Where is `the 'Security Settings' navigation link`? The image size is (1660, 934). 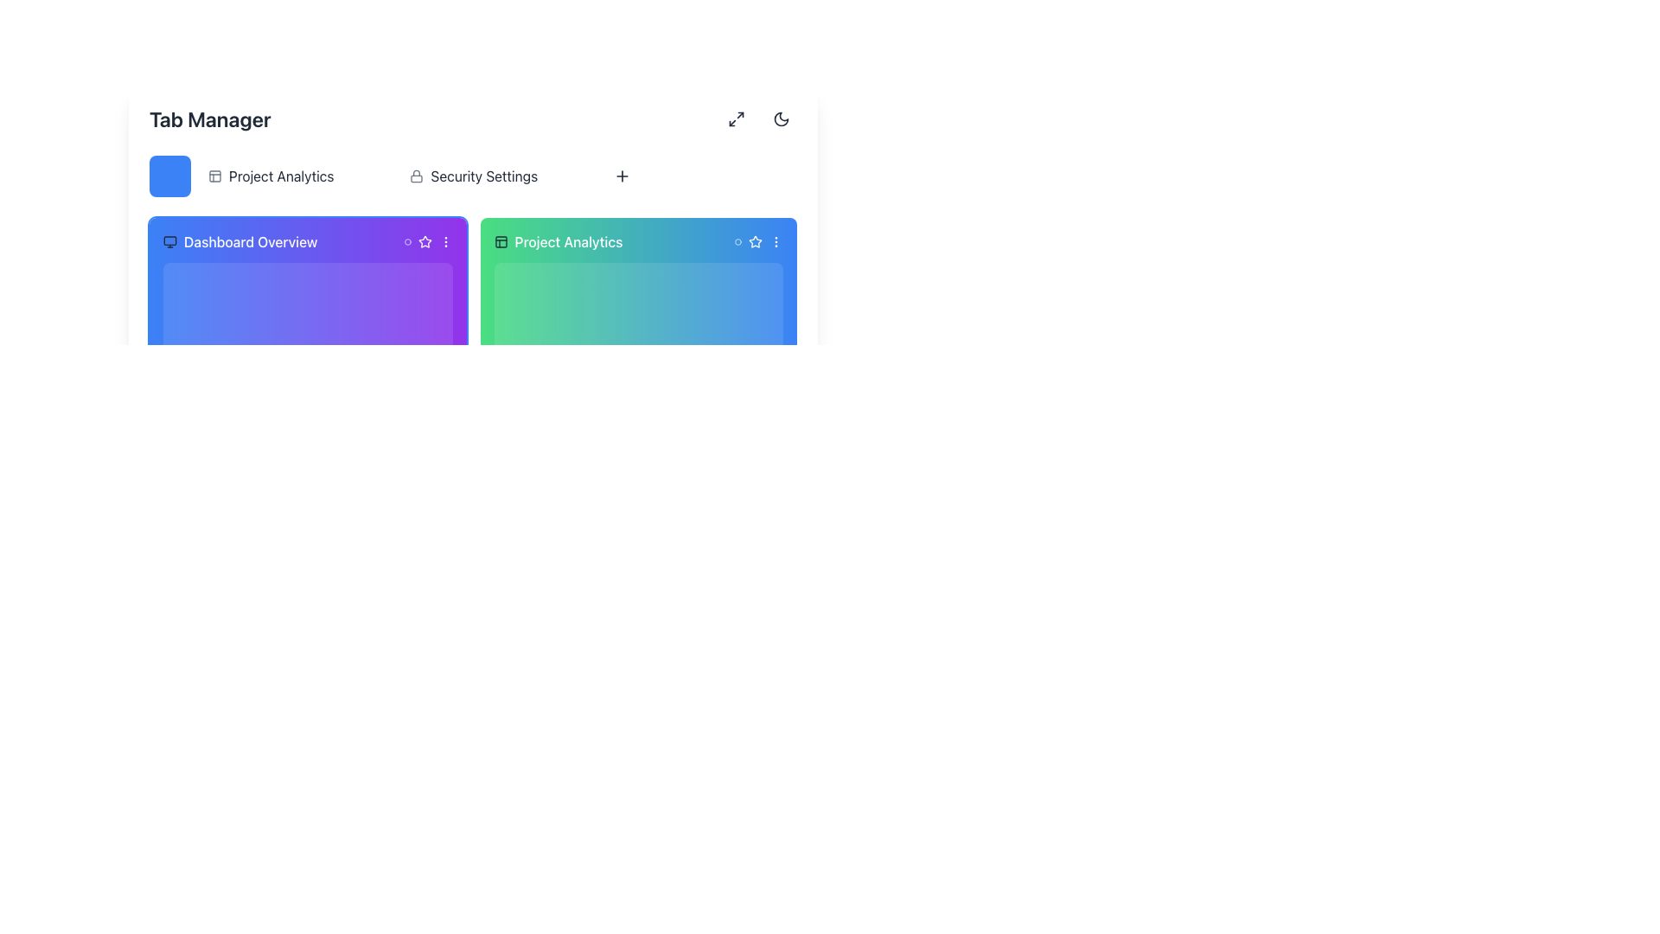
the 'Security Settings' navigation link is located at coordinates (474, 176).